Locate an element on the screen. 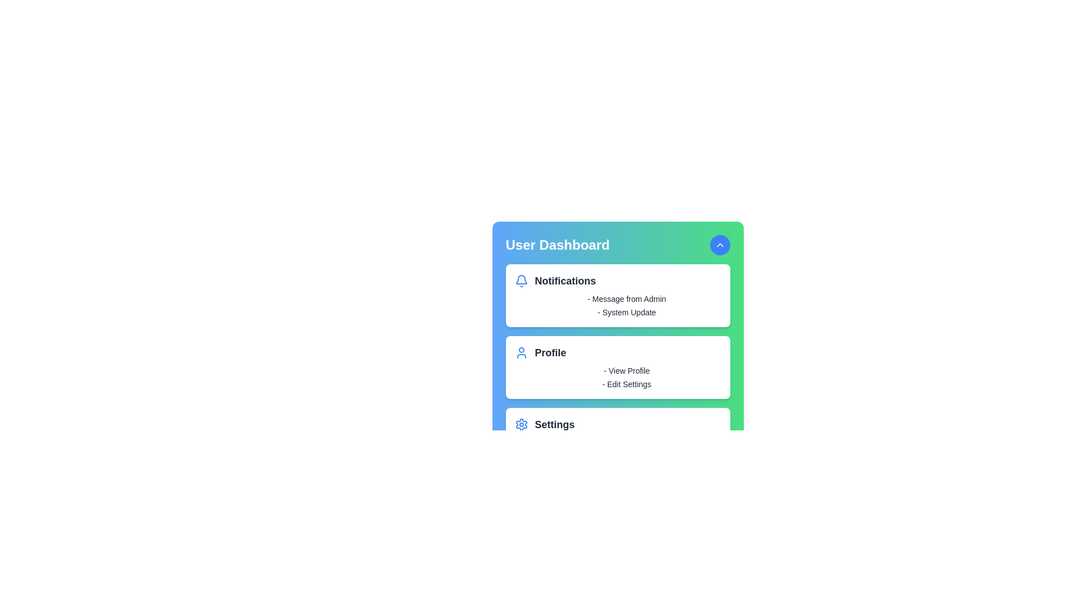 This screenshot has width=1077, height=606. the header of the section Profile to expand or collapse its details is located at coordinates (617, 352).